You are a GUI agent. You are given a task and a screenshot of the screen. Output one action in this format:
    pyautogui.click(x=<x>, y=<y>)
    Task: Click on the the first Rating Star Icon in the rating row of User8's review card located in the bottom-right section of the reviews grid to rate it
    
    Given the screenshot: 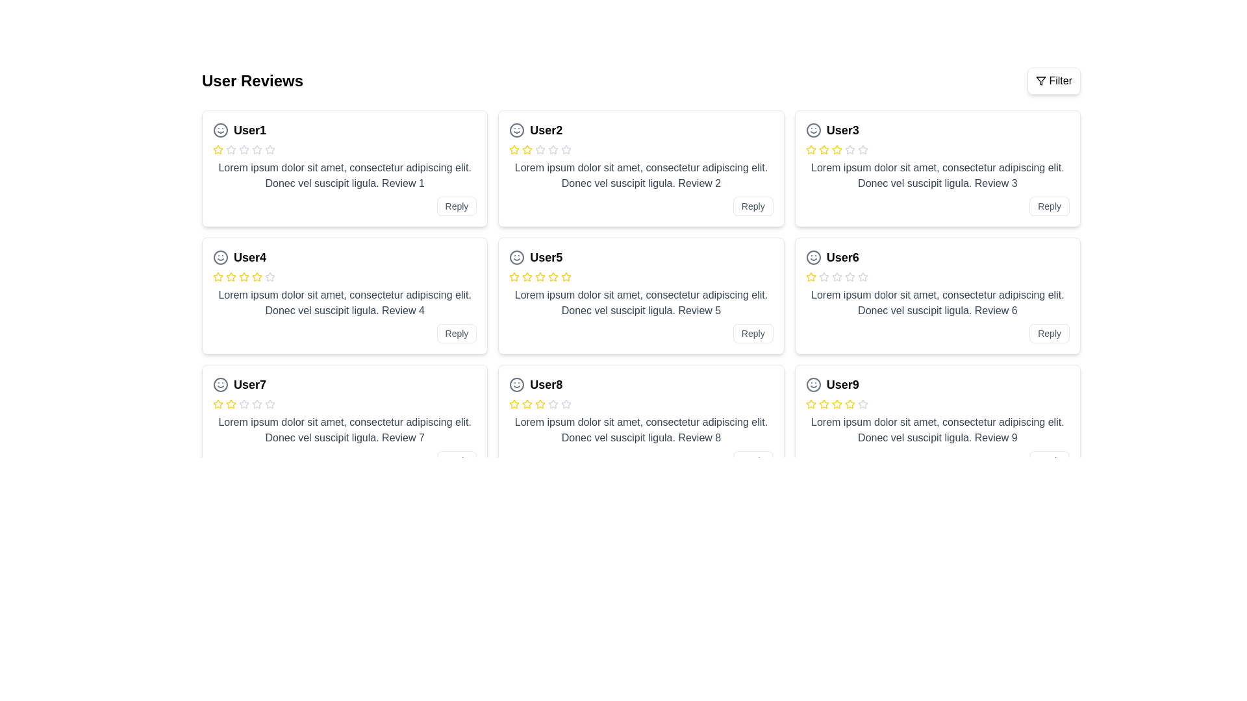 What is the action you would take?
    pyautogui.click(x=514, y=404)
    